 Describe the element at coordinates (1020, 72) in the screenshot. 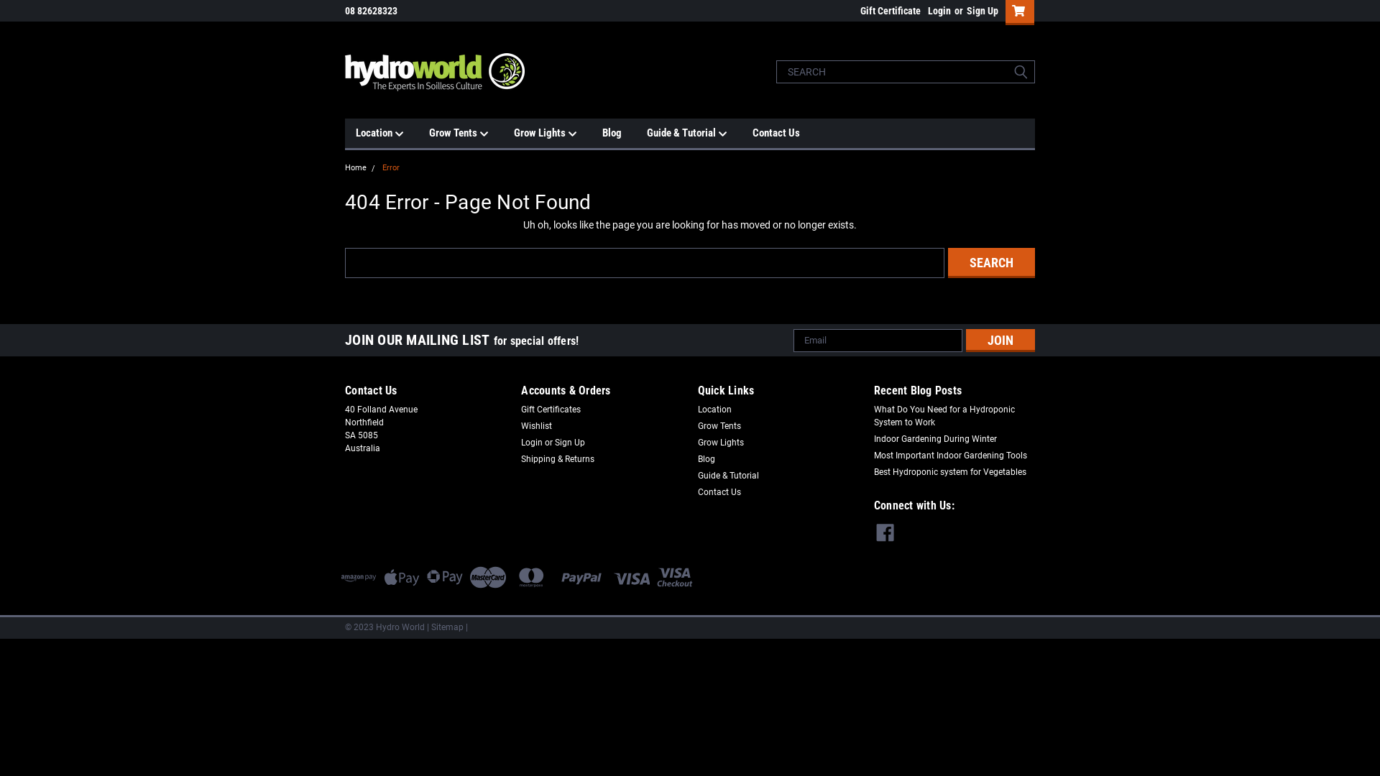

I see `'submit'` at that location.